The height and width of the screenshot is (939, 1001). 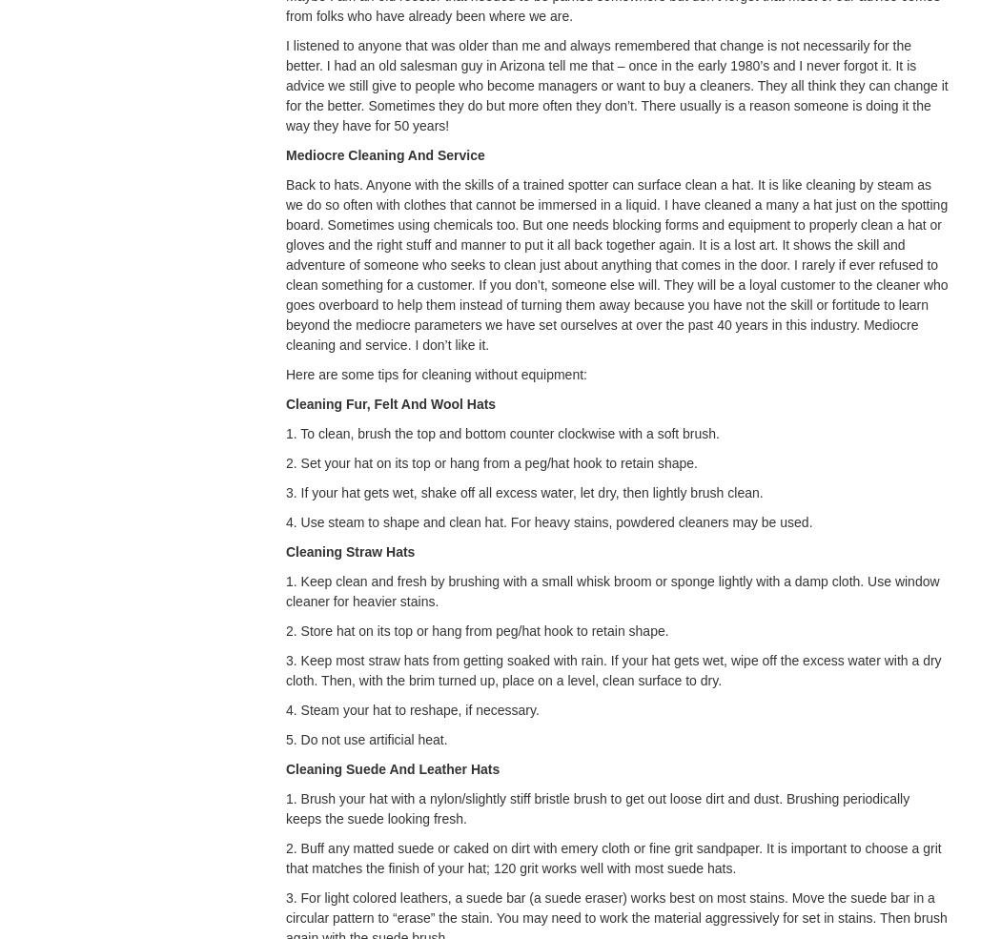 I want to click on '1. Keep clean and fresh by brushing with a small whisk broom or sponge lightly with a damp cloth. Use window cleaner for heavier stains.', so click(x=611, y=590).